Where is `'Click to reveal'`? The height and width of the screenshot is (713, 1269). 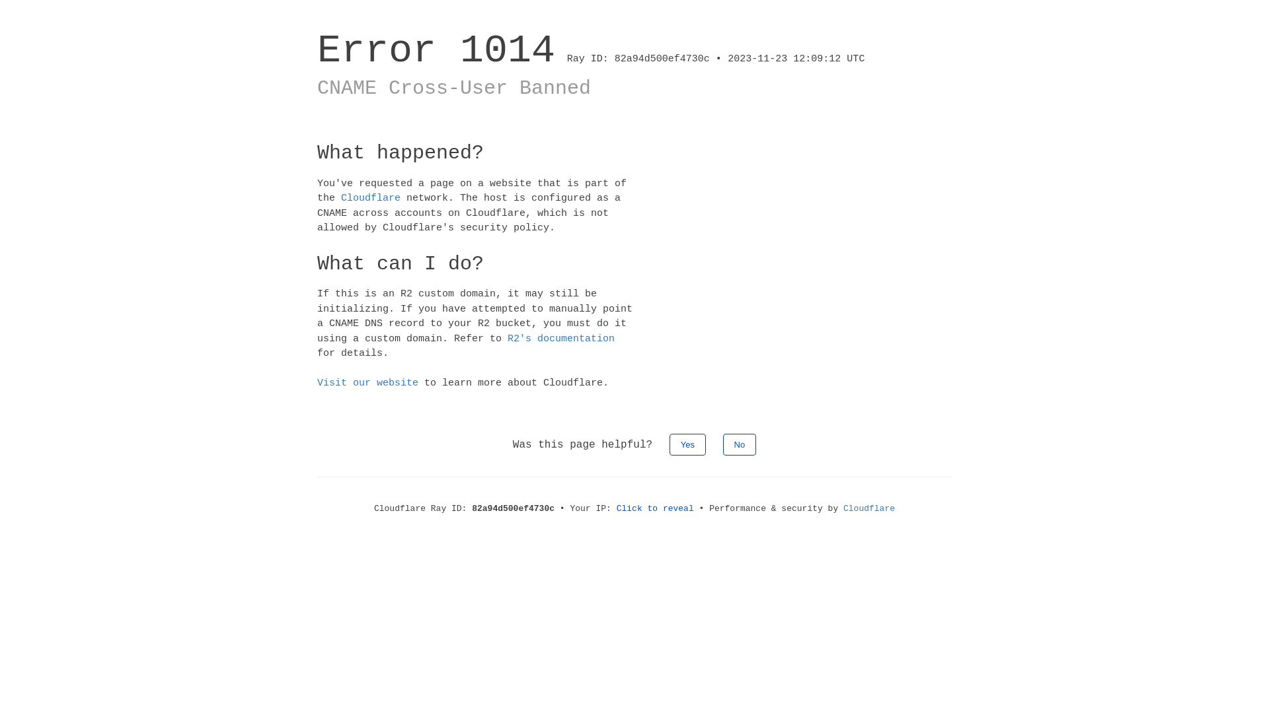 'Click to reveal' is located at coordinates (615, 507).